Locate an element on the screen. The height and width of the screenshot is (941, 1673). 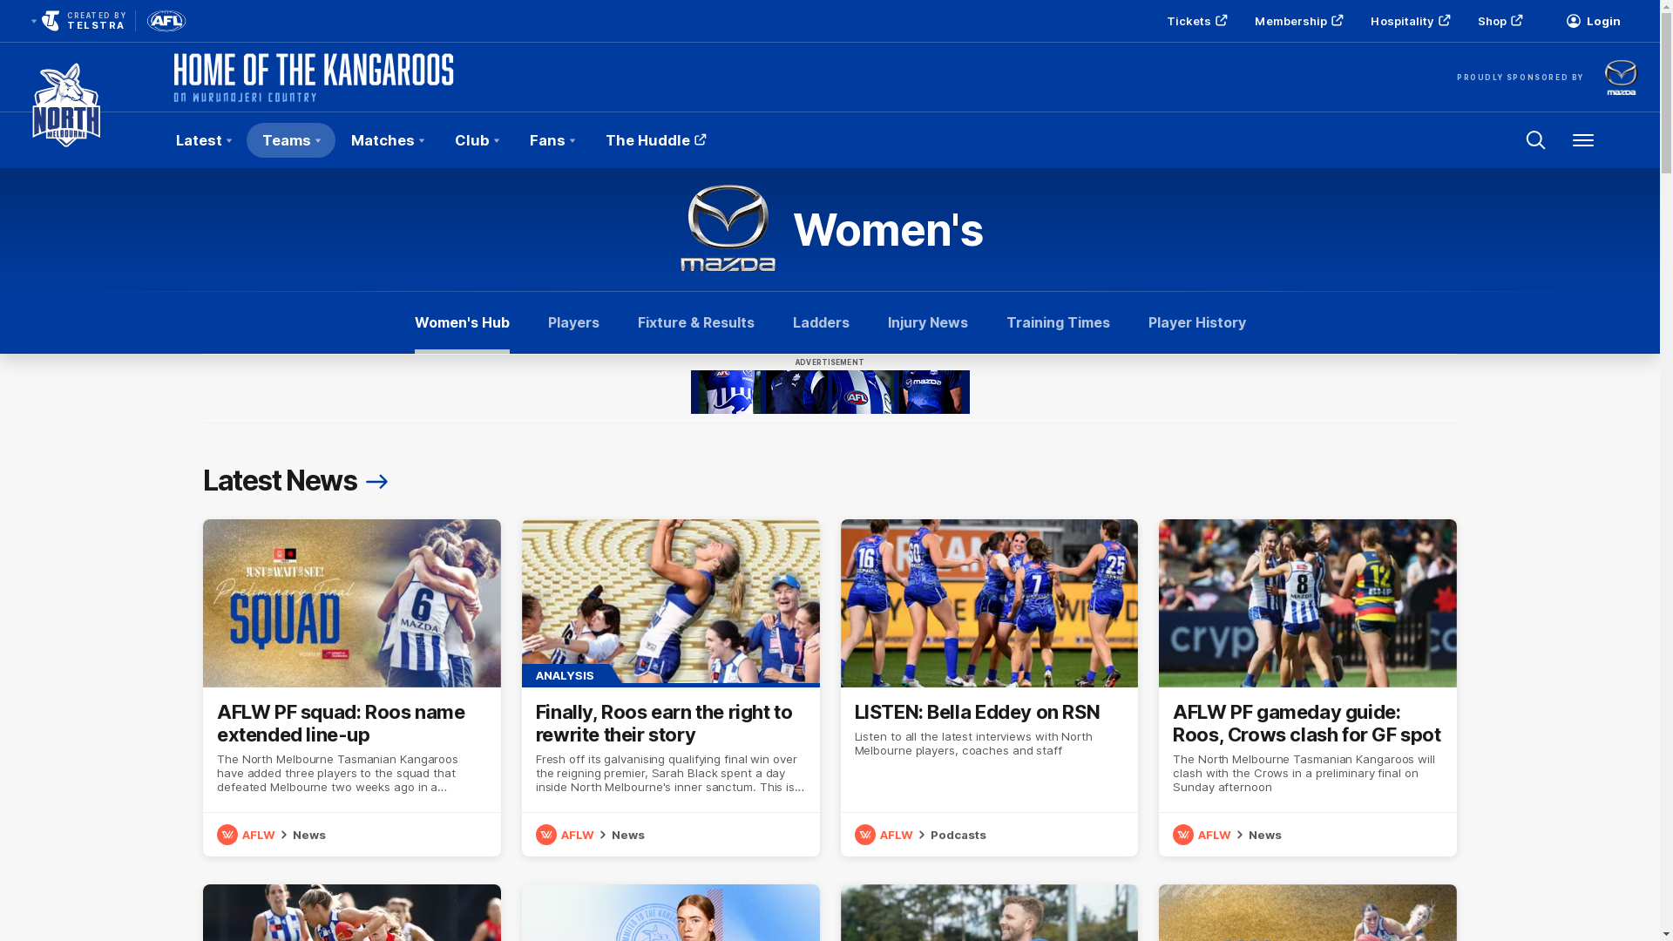
'Login' is located at coordinates (1593, 20).